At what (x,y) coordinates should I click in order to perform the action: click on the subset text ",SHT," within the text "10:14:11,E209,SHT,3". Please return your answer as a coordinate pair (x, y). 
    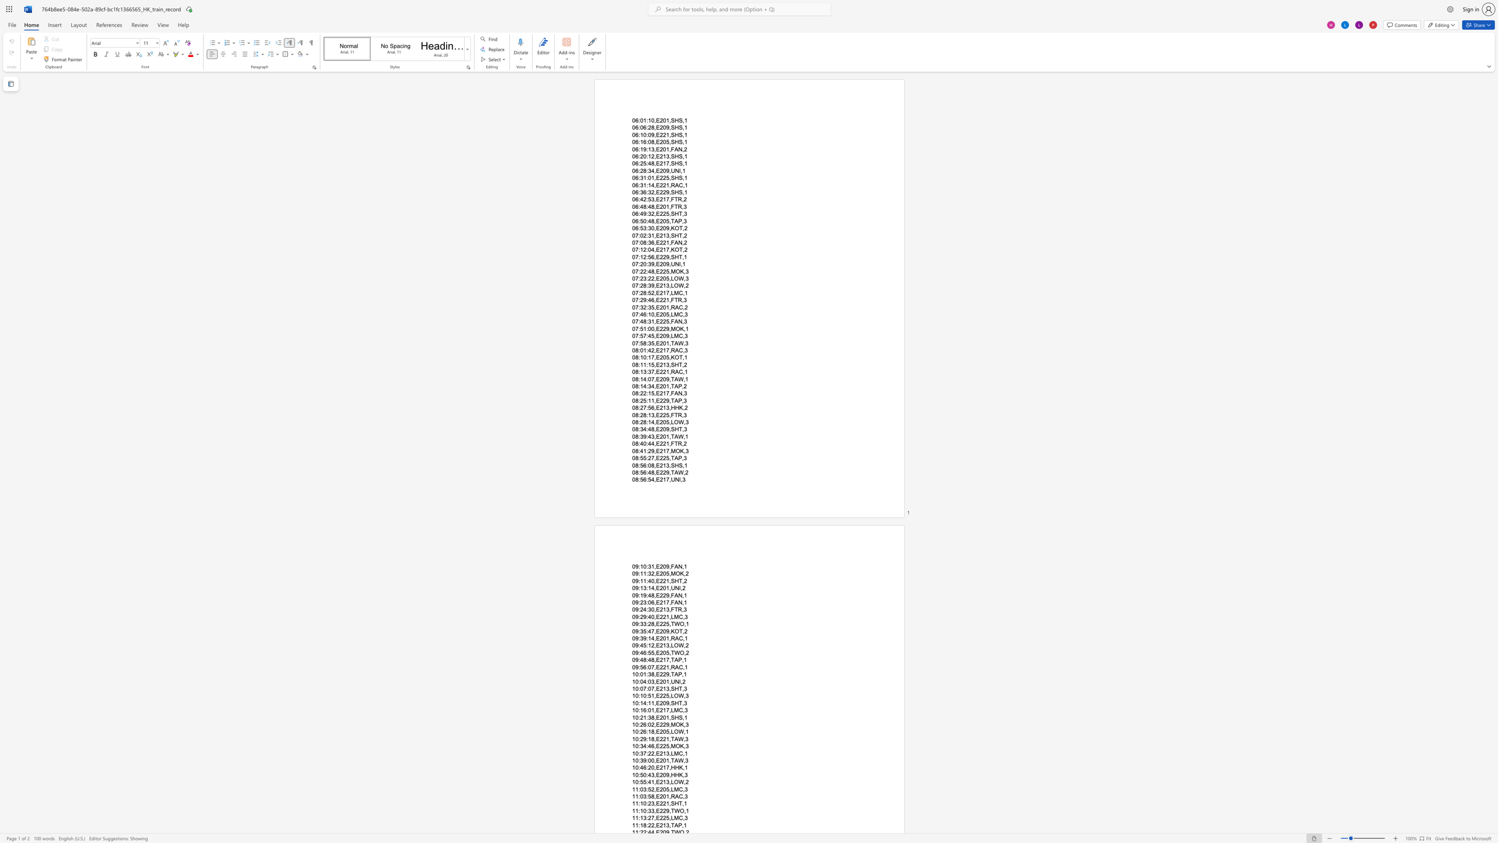
    Looking at the image, I should click on (668, 703).